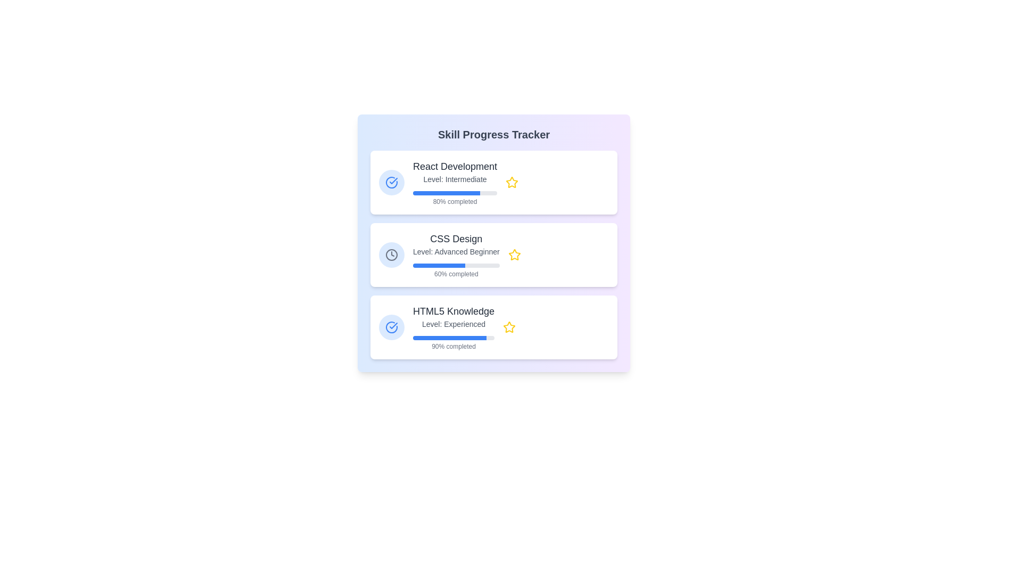 Image resolution: width=1022 pixels, height=575 pixels. Describe the element at coordinates (454, 326) in the screenshot. I see `the composite skill tracker element displaying 'HTML5 Knowledge', which includes the proficiency level 'Experienced' and a progress bar showing 90% progress` at that location.